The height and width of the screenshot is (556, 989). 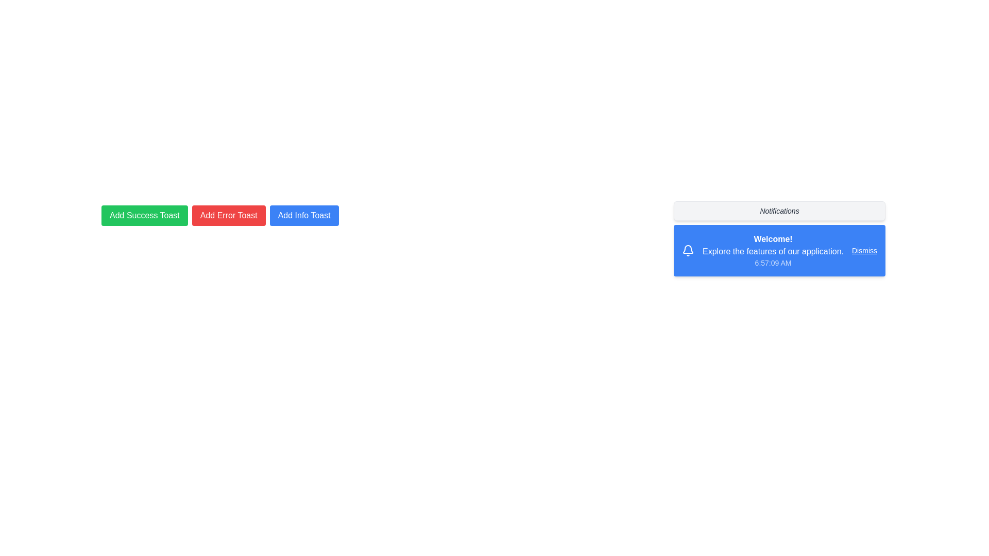 I want to click on the underlined text link labeled 'Dismiss' located in the top-right corner of the notification card to change its text color, so click(x=864, y=250).